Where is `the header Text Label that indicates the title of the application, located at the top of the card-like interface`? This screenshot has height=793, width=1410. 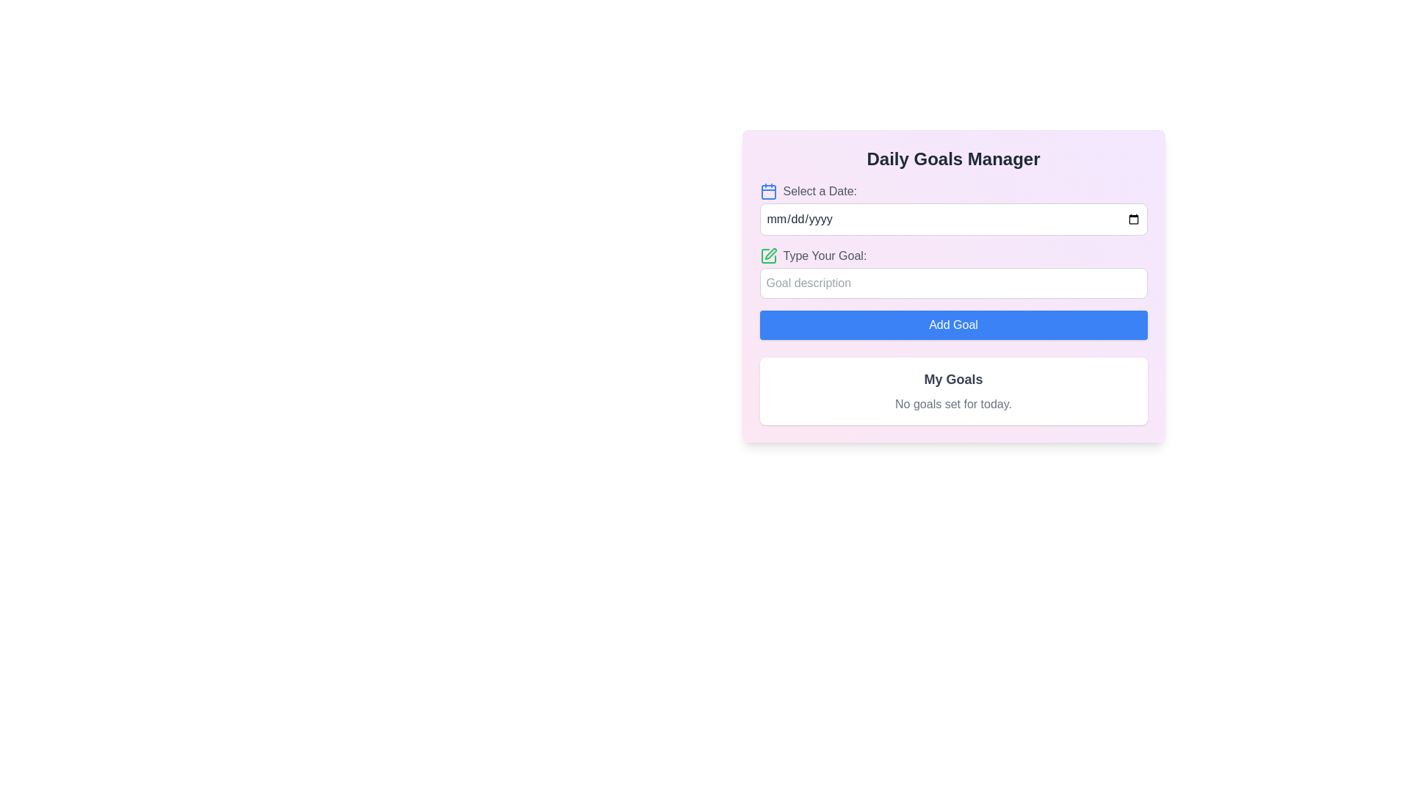 the header Text Label that indicates the title of the application, located at the top of the card-like interface is located at coordinates (953, 159).